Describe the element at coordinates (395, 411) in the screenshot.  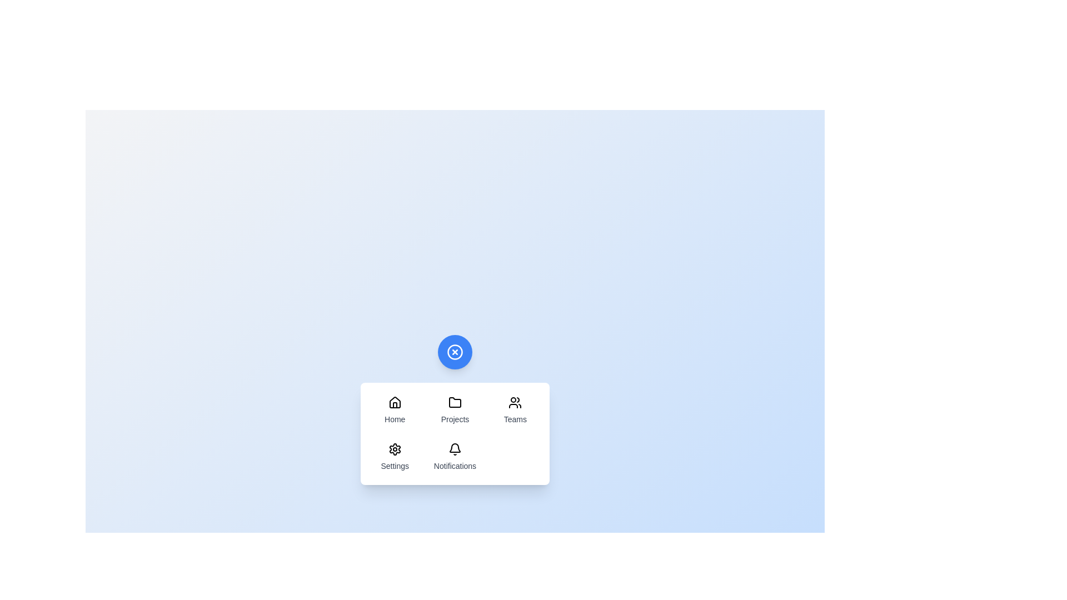
I see `the menu item labeled Home to highlight it` at that location.